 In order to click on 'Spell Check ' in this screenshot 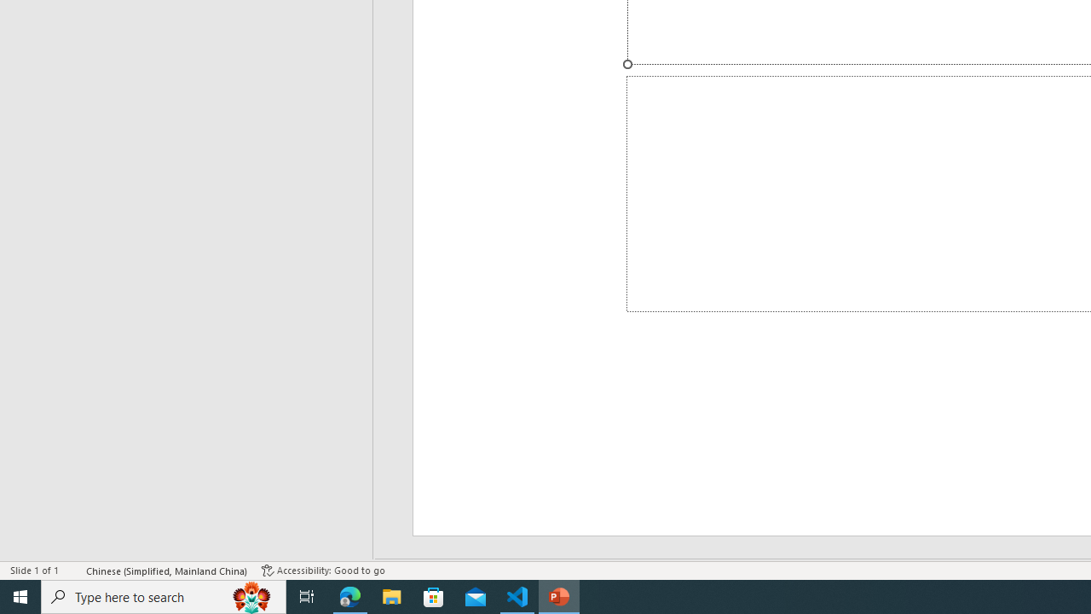, I will do `click(72, 571)`.